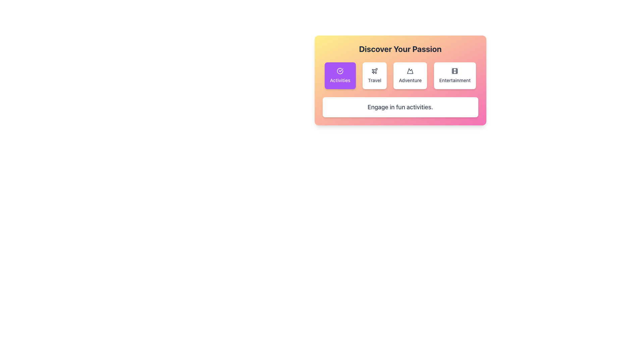  What do you see at coordinates (410, 71) in the screenshot?
I see `the mountain icon located within the 'Adventure' button, which is styled as a 20x20 pixel graphic and has a minimalistic design` at bounding box center [410, 71].